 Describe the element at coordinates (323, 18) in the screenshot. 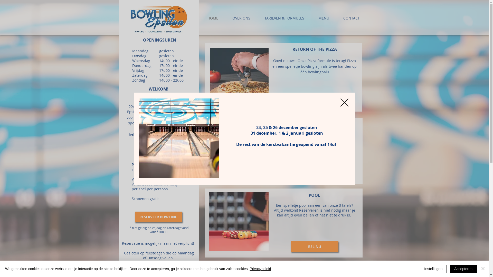

I see `'MENU'` at that location.